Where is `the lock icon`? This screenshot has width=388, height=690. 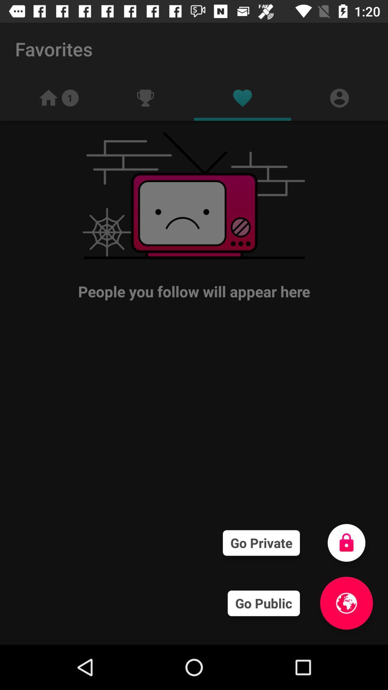 the lock icon is located at coordinates (346, 543).